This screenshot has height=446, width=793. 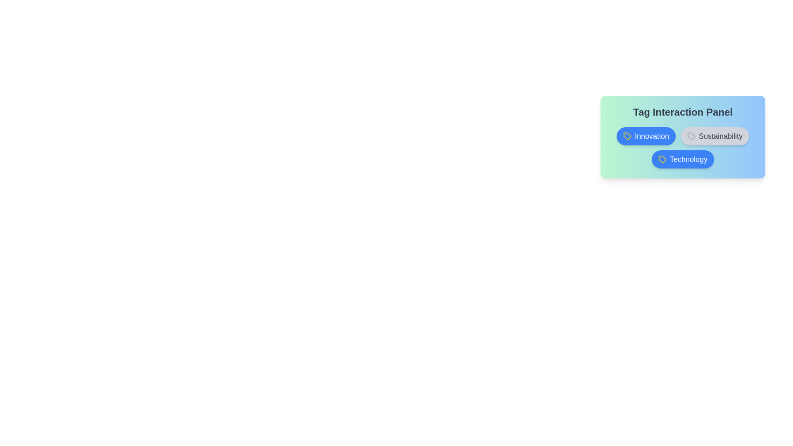 I want to click on the tag button labeled 'Technology' to toggle its activation status, so click(x=683, y=159).